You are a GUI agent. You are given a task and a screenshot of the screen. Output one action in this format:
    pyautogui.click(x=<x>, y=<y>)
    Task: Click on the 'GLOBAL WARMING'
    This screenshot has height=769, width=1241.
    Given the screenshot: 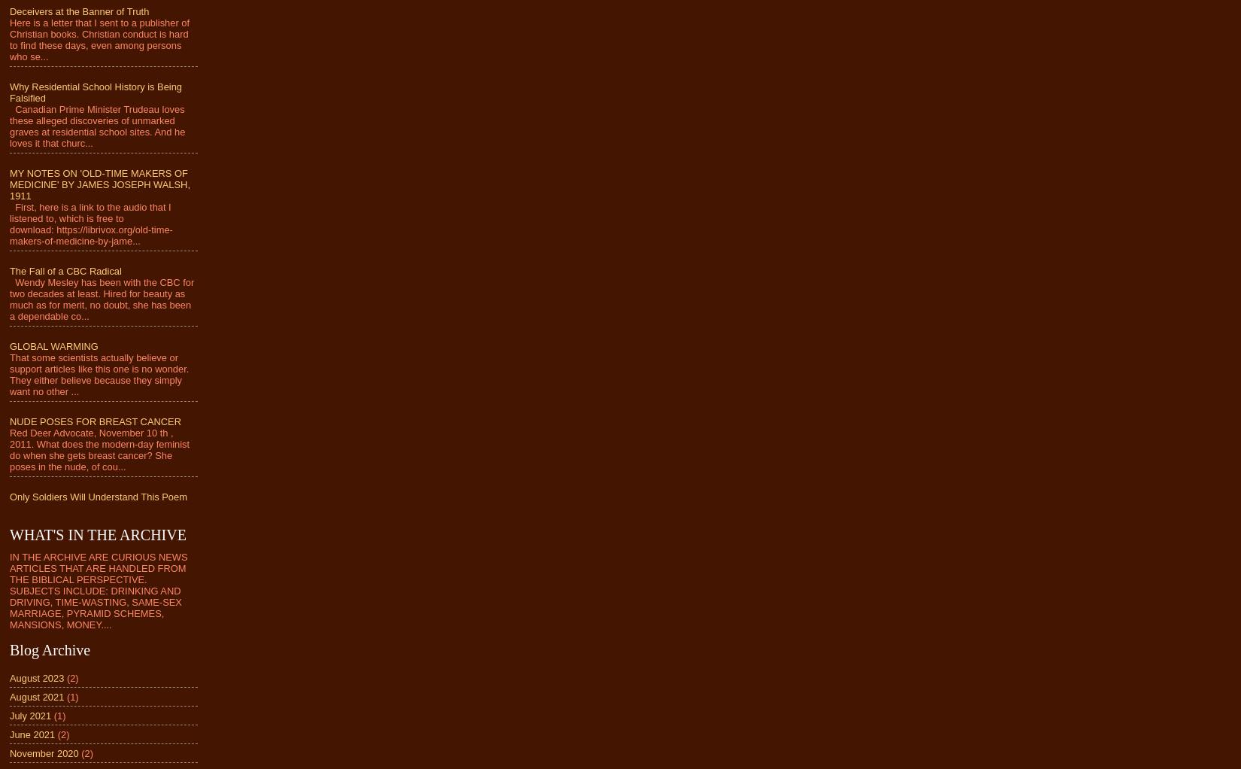 What is the action you would take?
    pyautogui.click(x=53, y=345)
    